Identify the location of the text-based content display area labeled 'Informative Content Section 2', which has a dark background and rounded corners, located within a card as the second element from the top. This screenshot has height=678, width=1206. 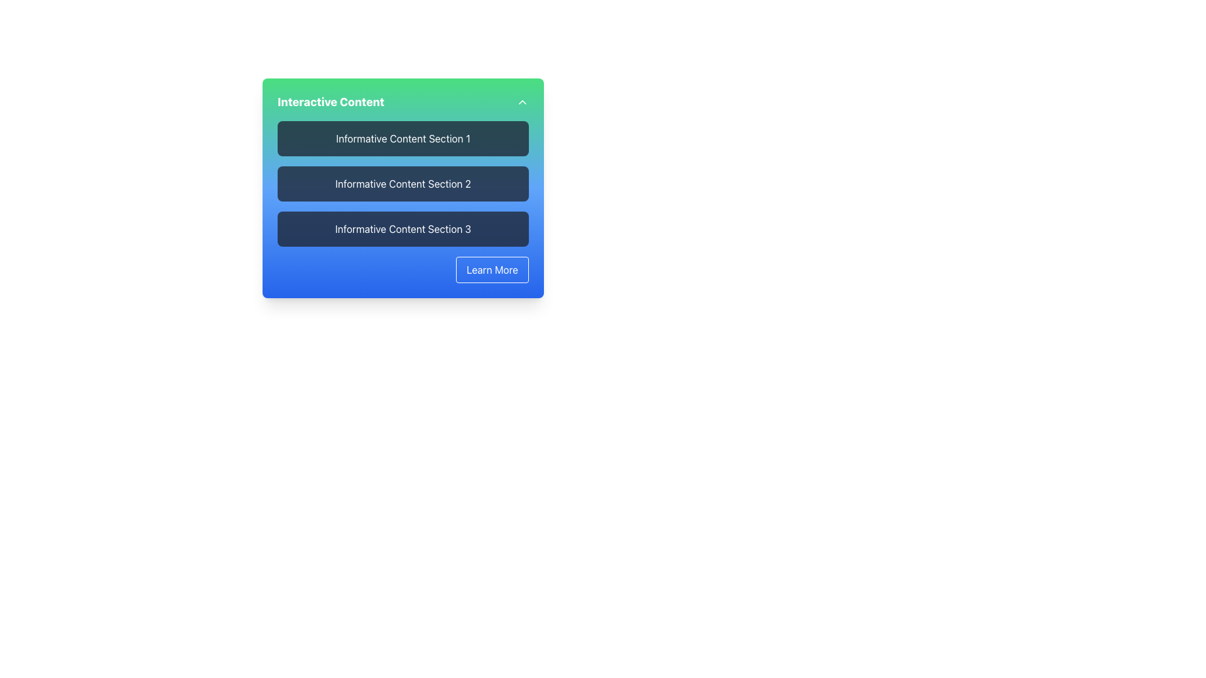
(403, 188).